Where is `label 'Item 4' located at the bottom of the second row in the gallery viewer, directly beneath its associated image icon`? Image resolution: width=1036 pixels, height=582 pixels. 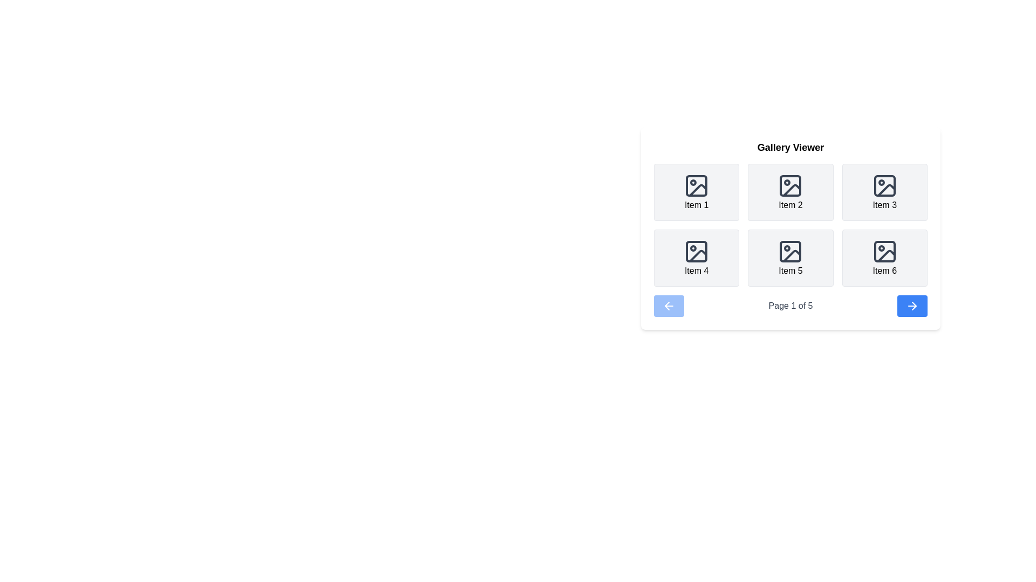 label 'Item 4' located at the bottom of the second row in the gallery viewer, directly beneath its associated image icon is located at coordinates (697, 270).